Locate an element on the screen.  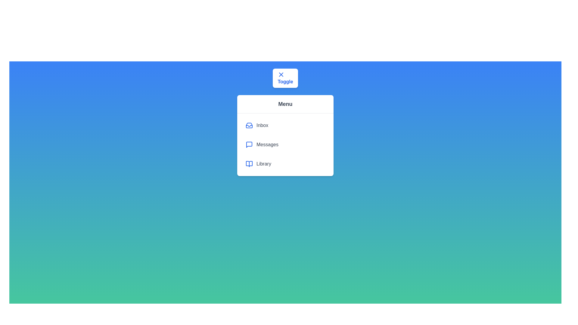
toggle button to toggle the menu visibility is located at coordinates (285, 78).